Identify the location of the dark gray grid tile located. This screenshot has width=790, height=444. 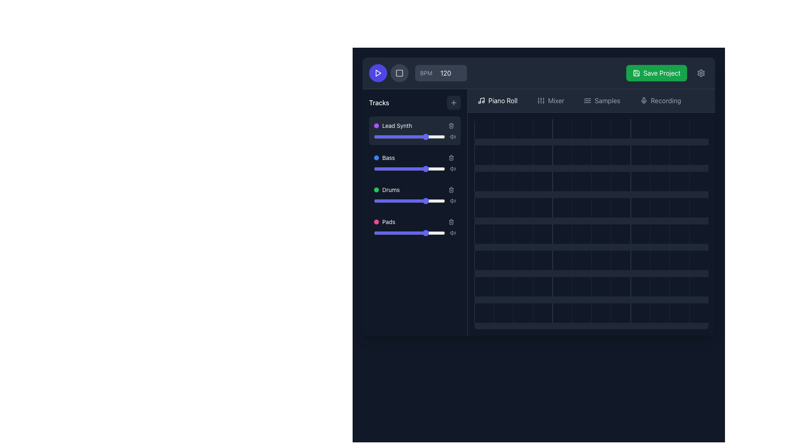
(562, 313).